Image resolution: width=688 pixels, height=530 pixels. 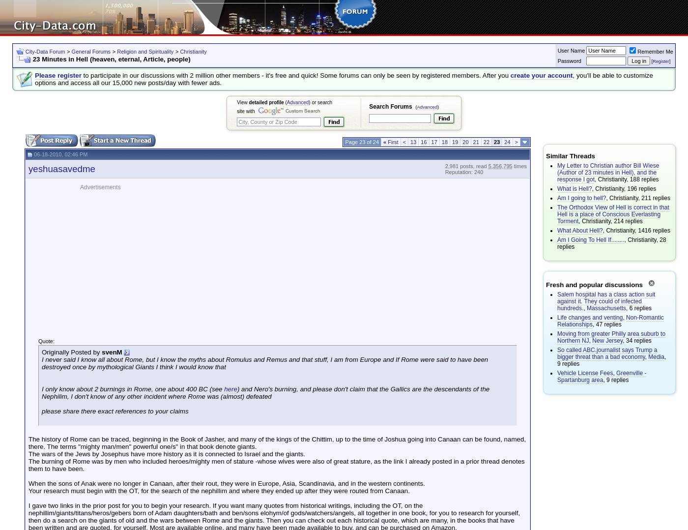 What do you see at coordinates (227, 483) in the screenshot?
I see `'When the sons of Anak were no longer in Canaan, after their rout, they were in Europe, Asia,  Scandinavia, and in the western continents.'` at bounding box center [227, 483].